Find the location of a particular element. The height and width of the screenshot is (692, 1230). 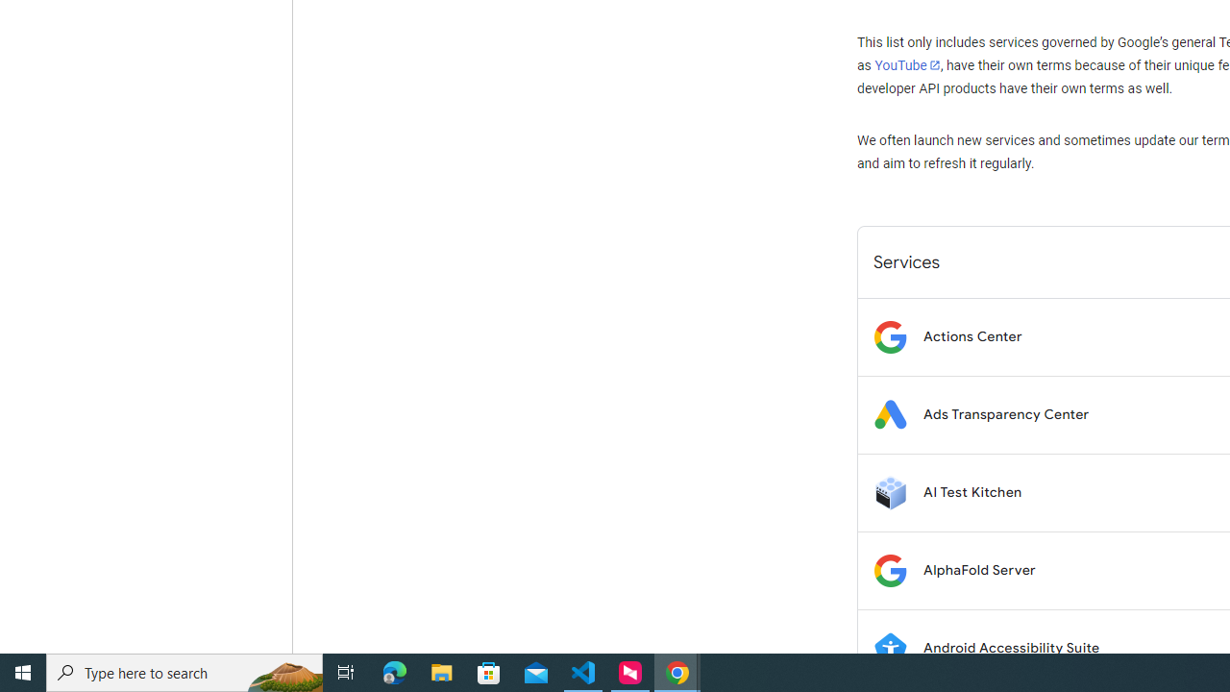

'Logo for AI Test Kitchen' is located at coordinates (889, 491).